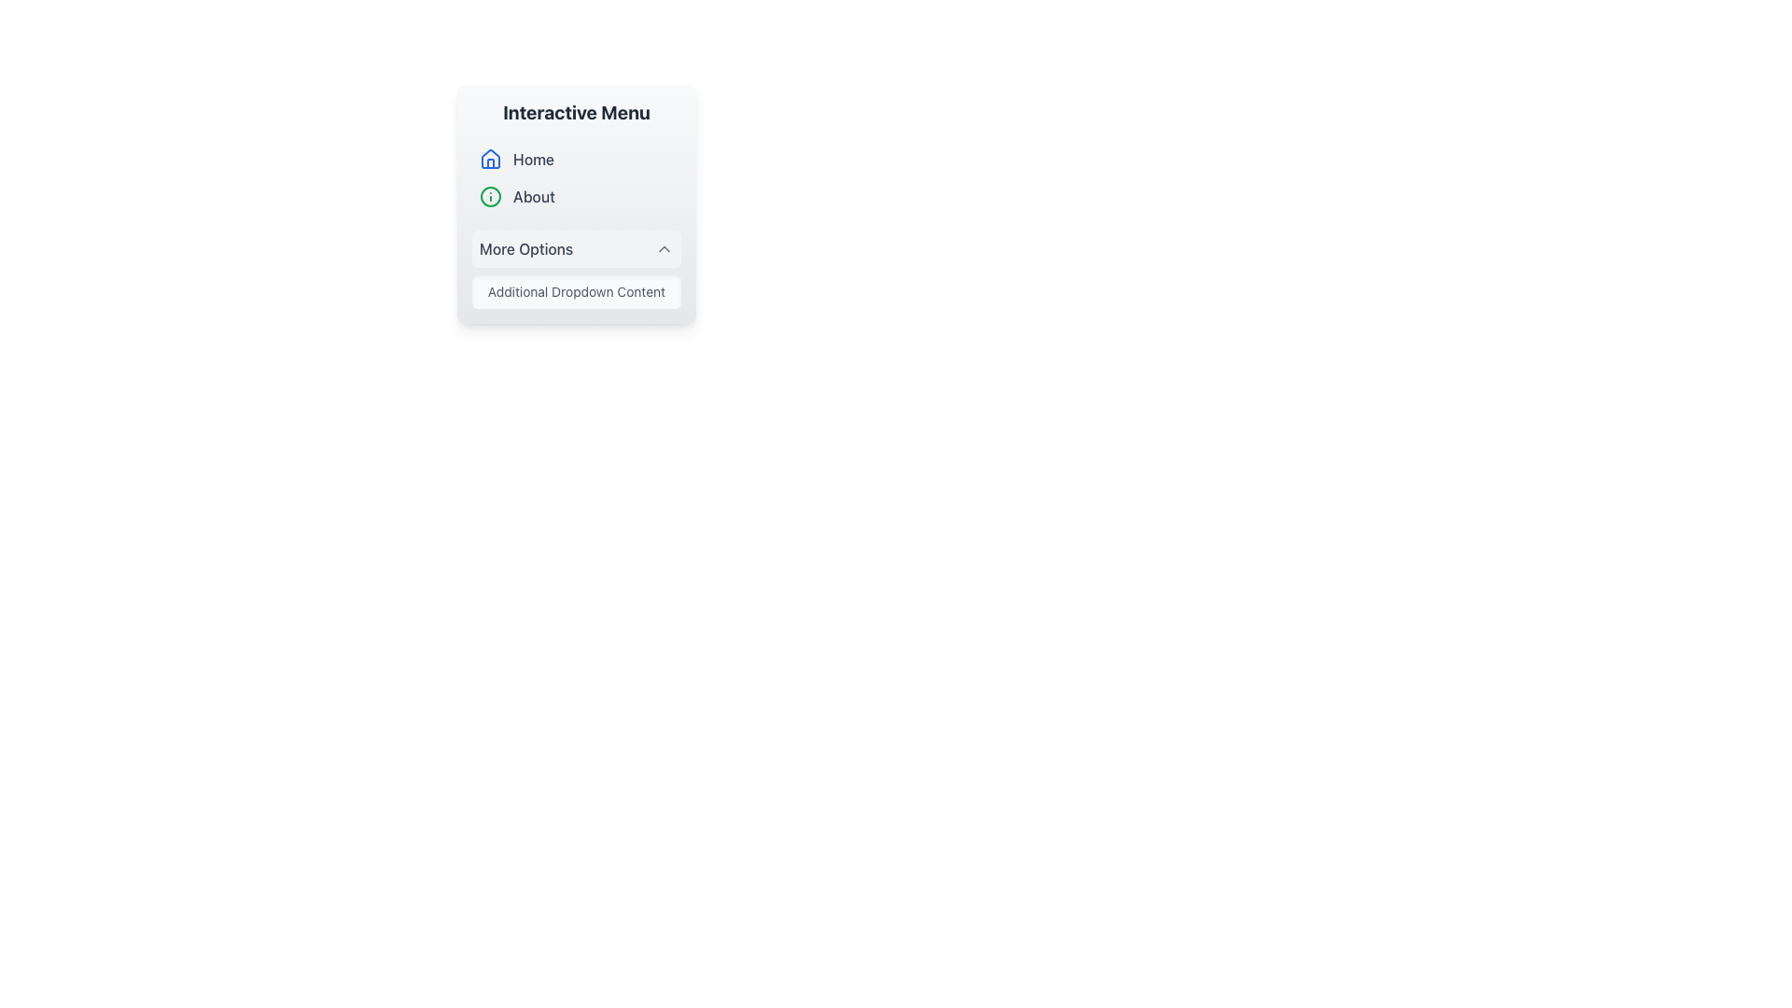  What do you see at coordinates (533, 197) in the screenshot?
I see `the 'About' menu option text label` at bounding box center [533, 197].